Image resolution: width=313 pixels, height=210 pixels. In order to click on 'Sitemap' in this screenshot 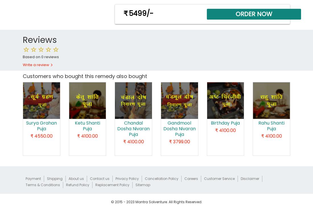, I will do `click(143, 185)`.